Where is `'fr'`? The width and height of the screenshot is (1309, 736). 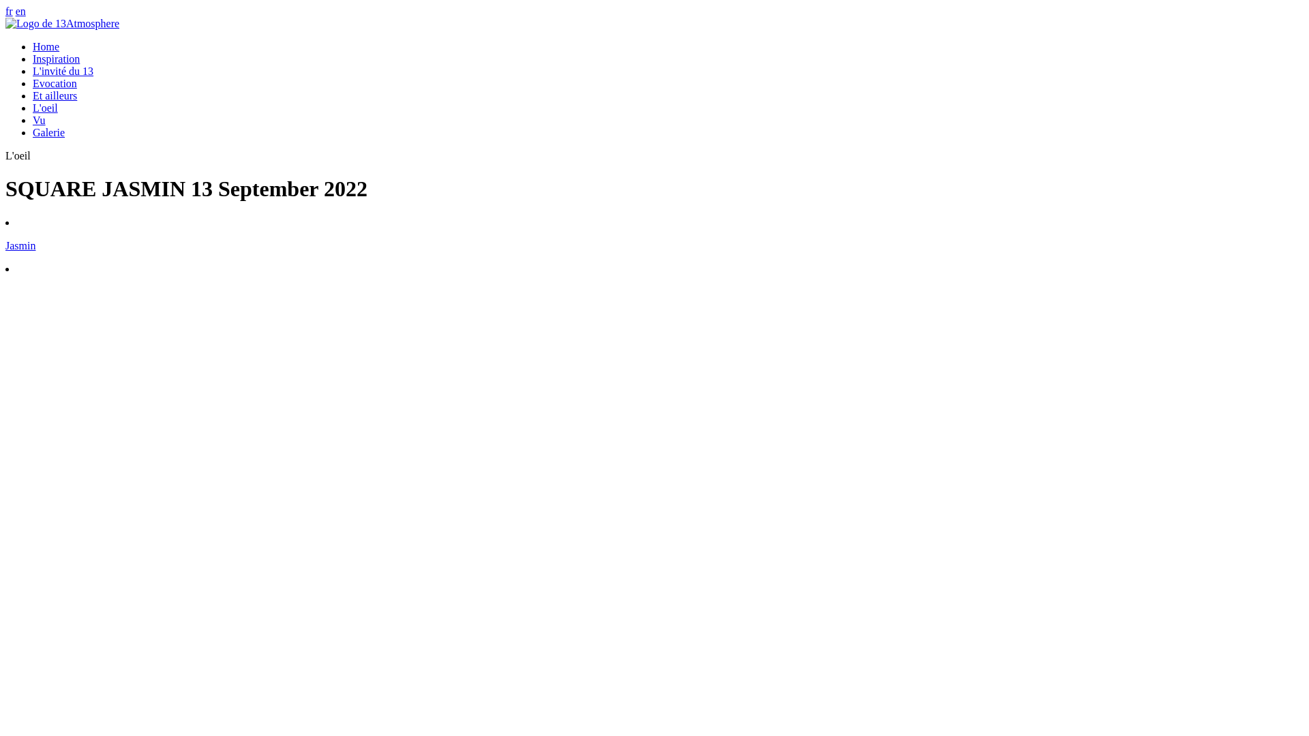
'fr' is located at coordinates (9, 11).